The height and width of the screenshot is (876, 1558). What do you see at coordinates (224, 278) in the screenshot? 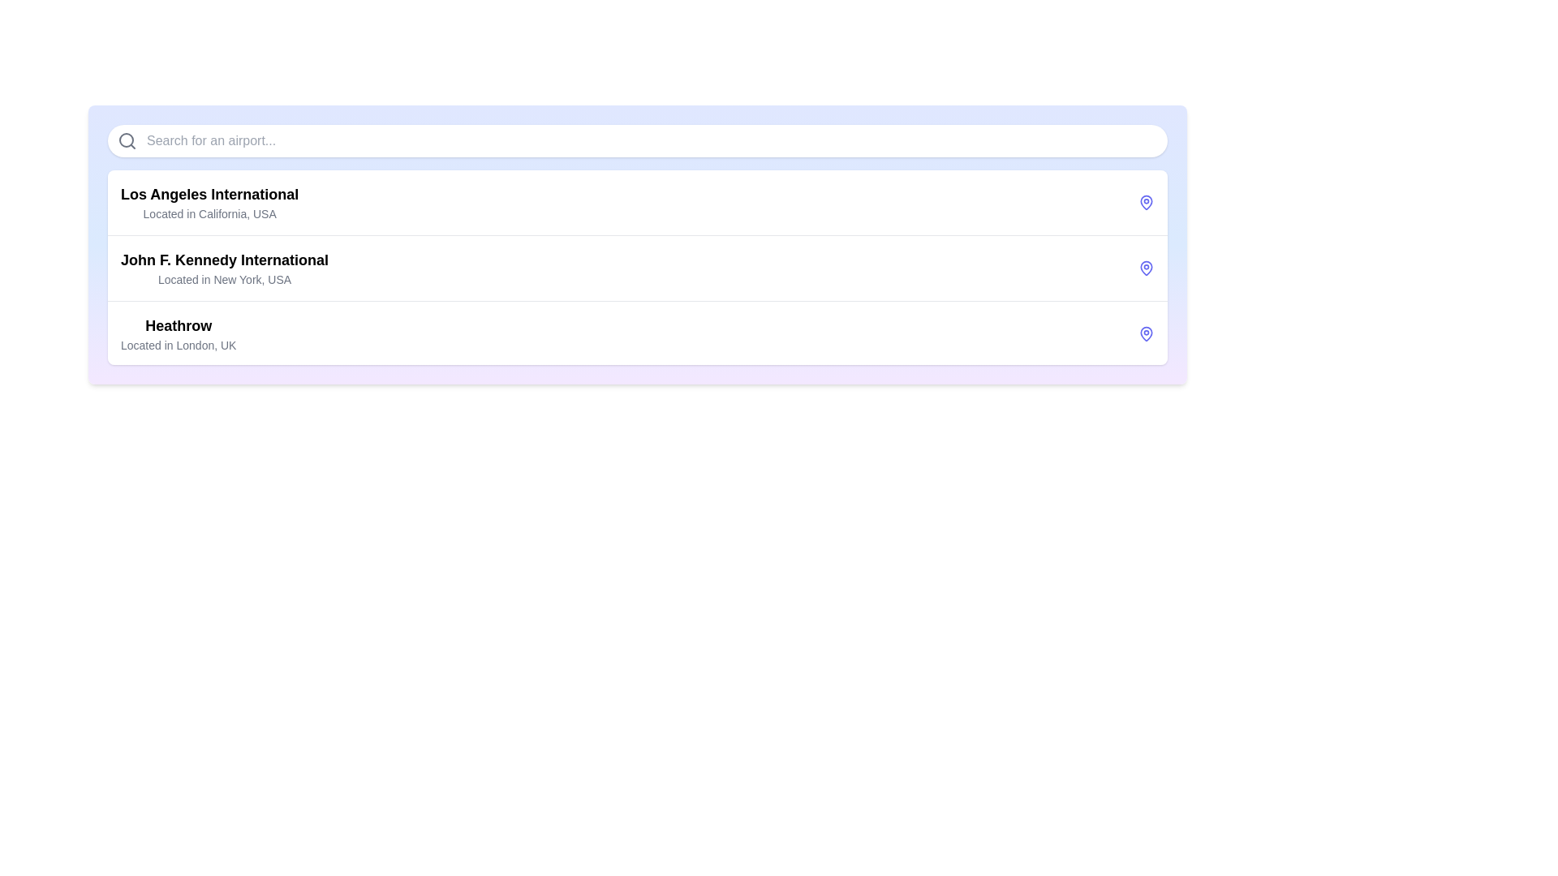
I see `location information from the static text positioned below 'John F. Kennedy International' in the second list item` at bounding box center [224, 278].